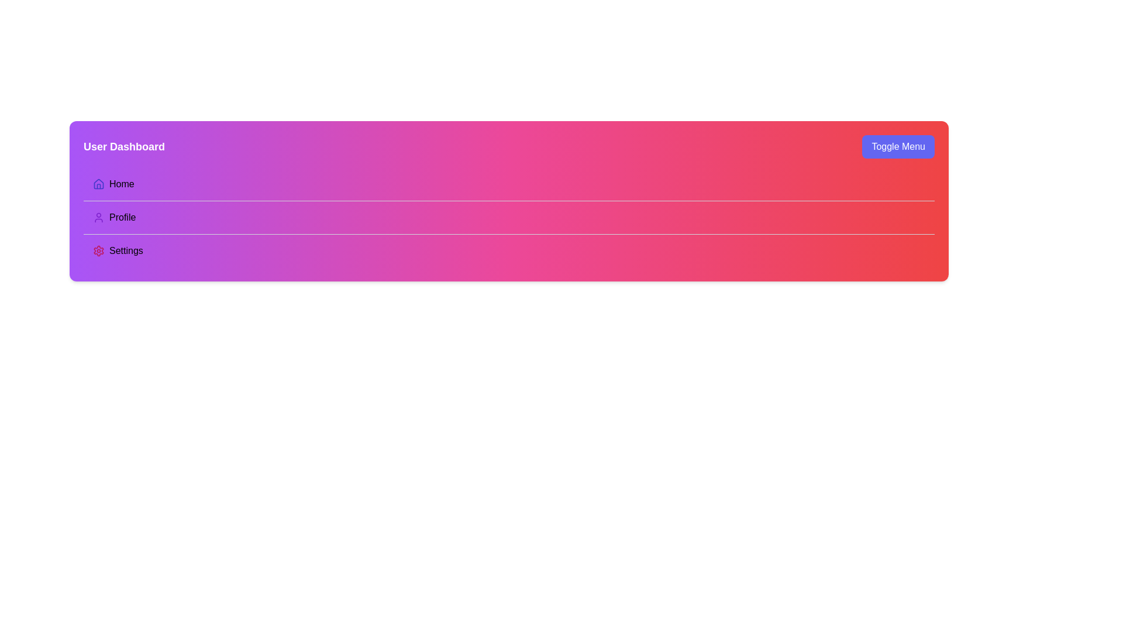 The image size is (1123, 632). Describe the element at coordinates (509, 217) in the screenshot. I see `the 'Profile' navigation button` at that location.